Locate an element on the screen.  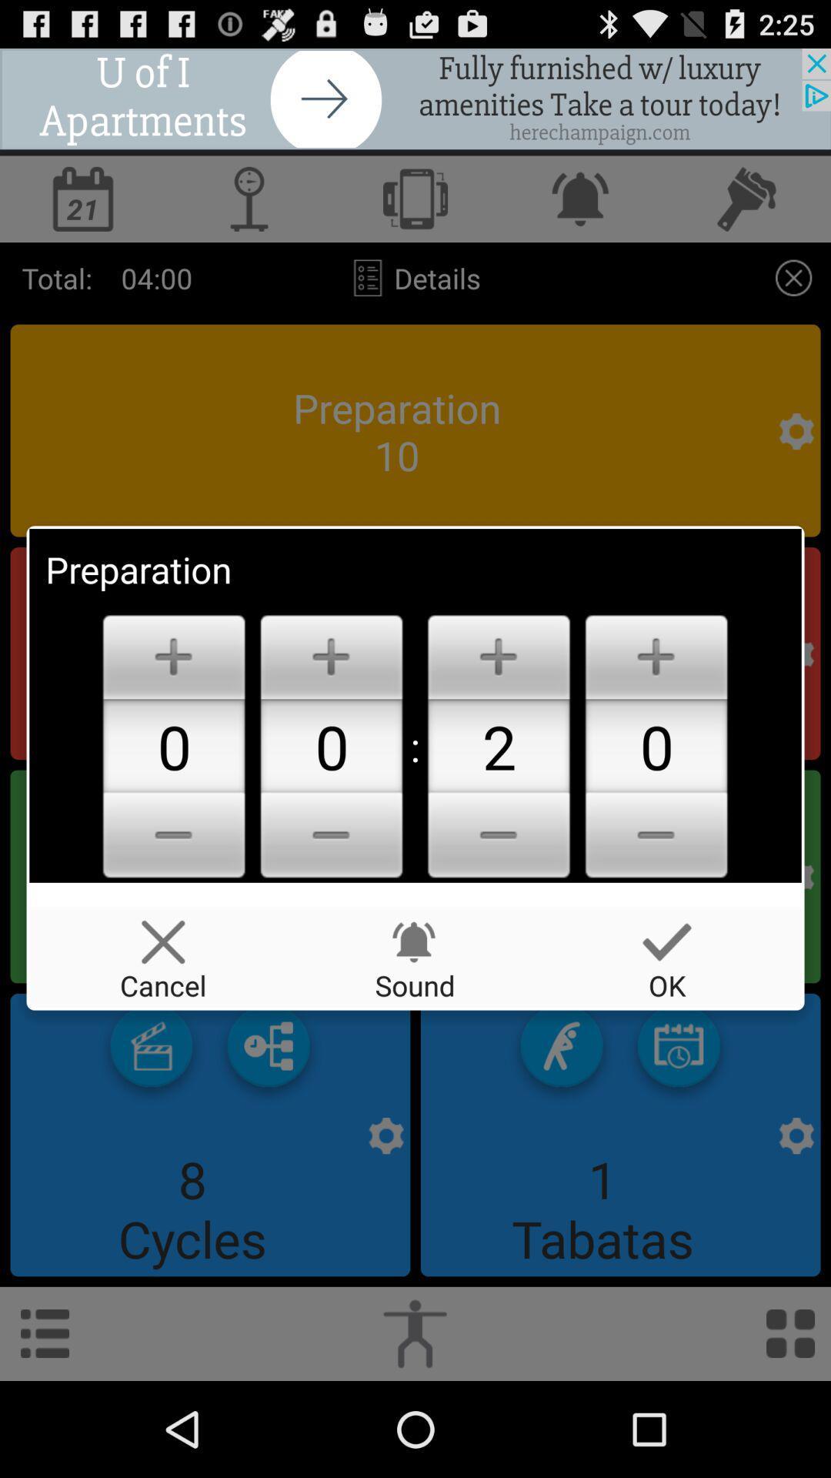
the list icon is located at coordinates (44, 1426).